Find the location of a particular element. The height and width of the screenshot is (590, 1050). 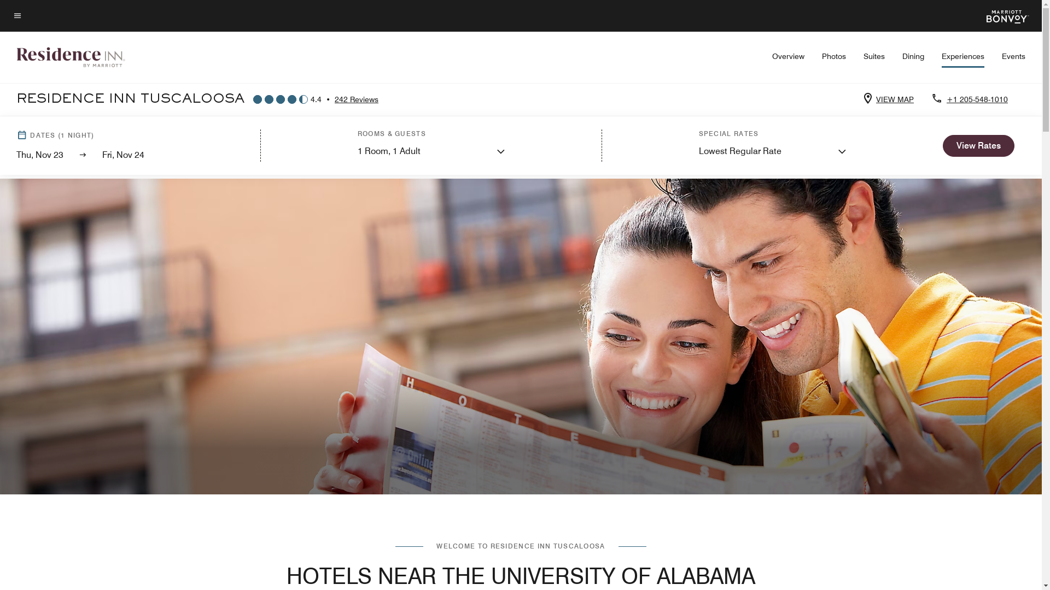

'Dining' is located at coordinates (913, 56).